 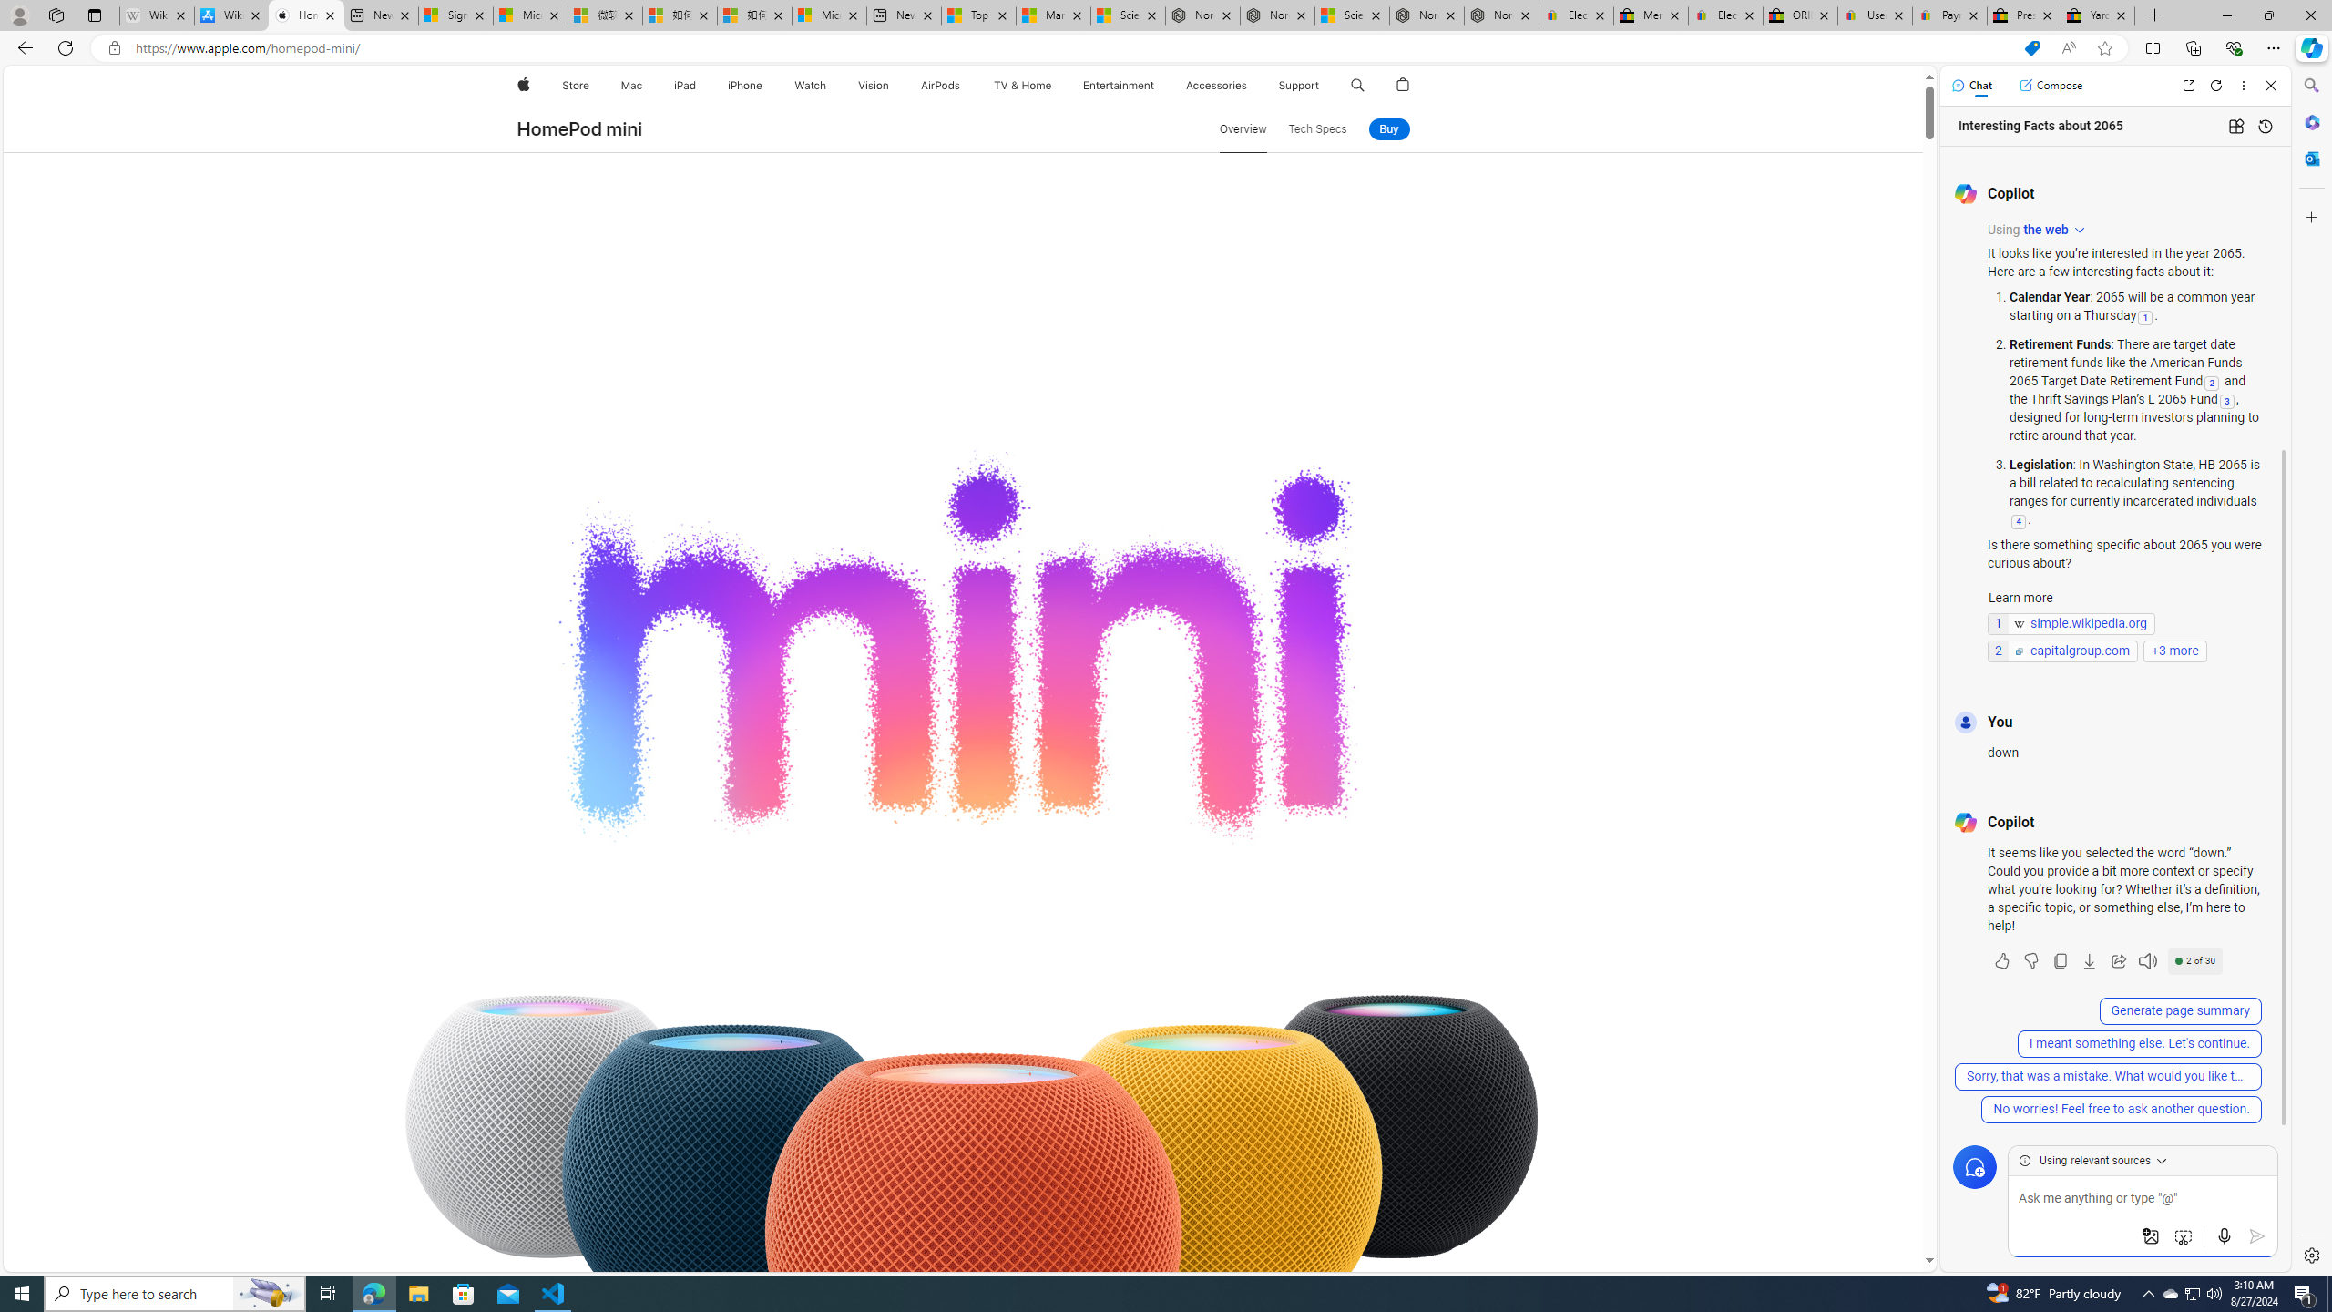 I want to click on 'Shopping Bag', so click(x=1403, y=85).